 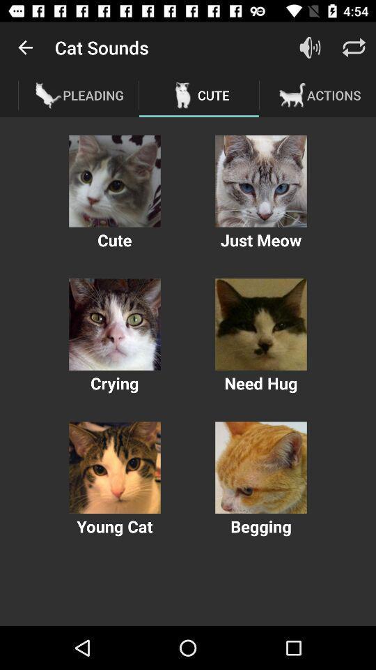 I want to click on sound options, so click(x=114, y=468).